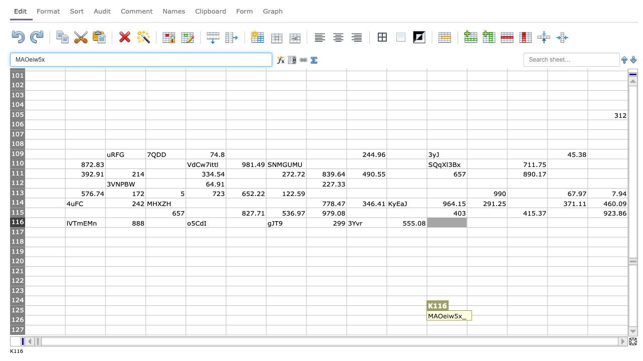 Image resolution: width=643 pixels, height=361 pixels. What do you see at coordinates (487, 320) in the screenshot?
I see `column L row 126` at bounding box center [487, 320].